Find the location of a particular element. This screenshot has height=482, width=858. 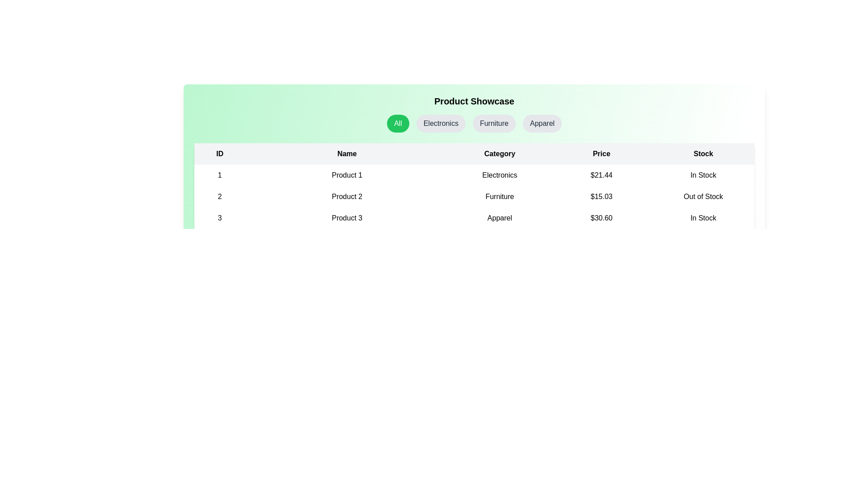

the category button labeled Apparel to filter products is located at coordinates (542, 124).